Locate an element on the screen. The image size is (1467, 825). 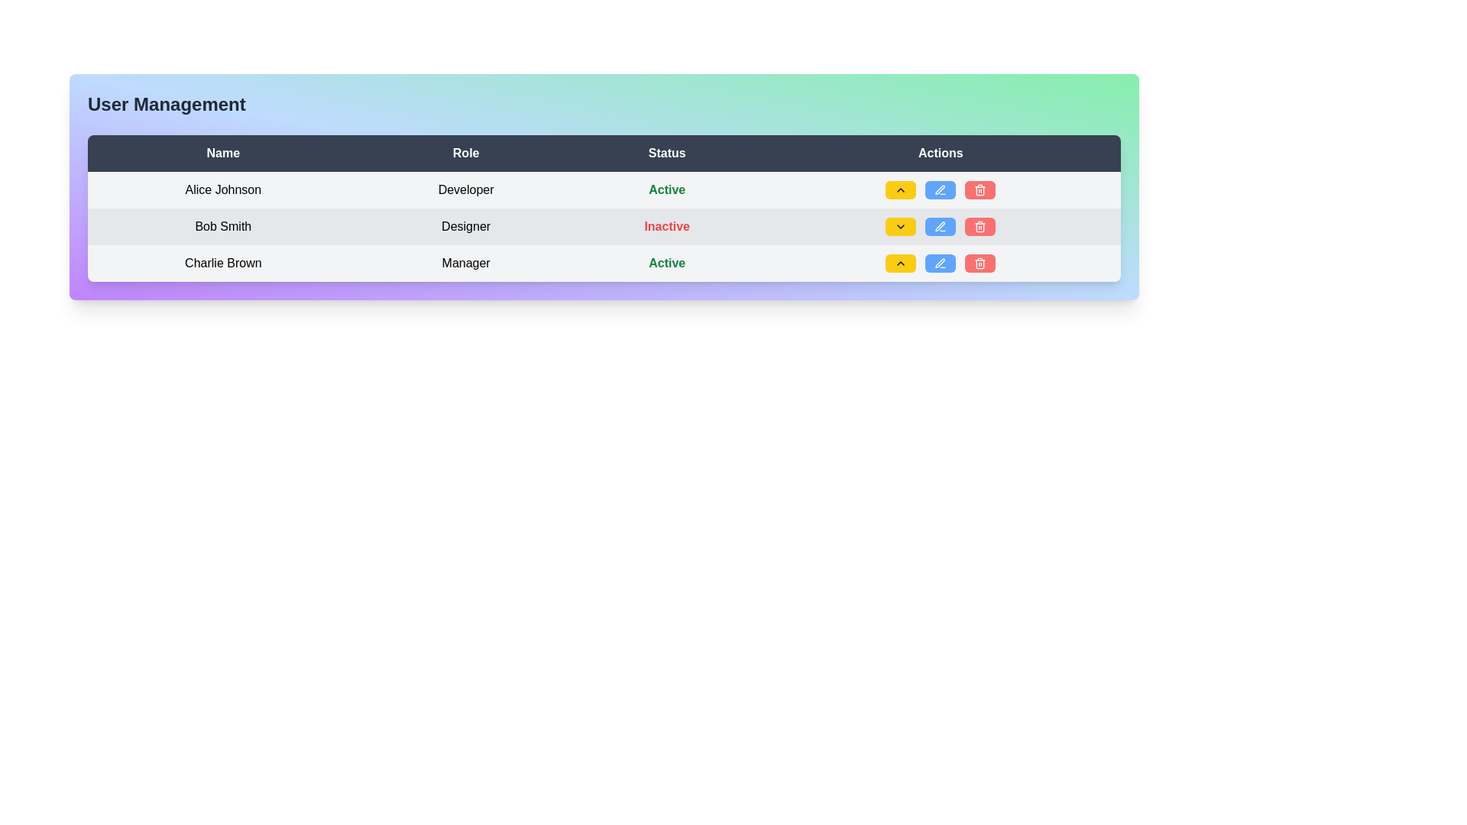
the blue rounded rectangular button with a pen icon located in the 'Actions' column of the second row in the table, which is the second button in a group of three interactive buttons is located at coordinates (940, 189).